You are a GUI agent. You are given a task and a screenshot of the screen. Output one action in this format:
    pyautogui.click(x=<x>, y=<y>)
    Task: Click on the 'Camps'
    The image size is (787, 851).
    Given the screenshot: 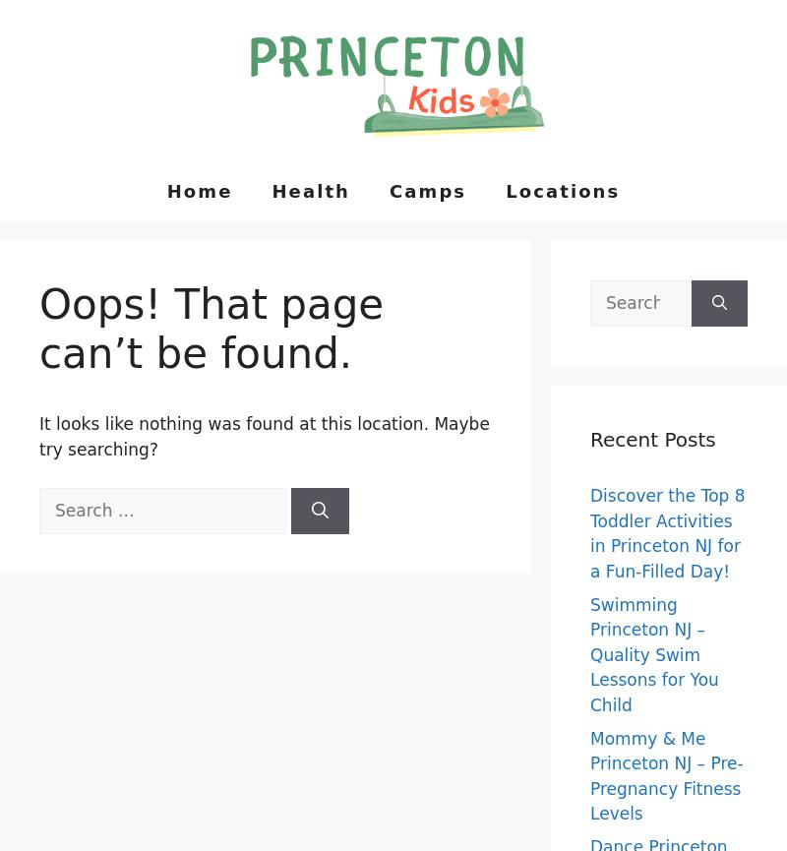 What is the action you would take?
    pyautogui.click(x=426, y=189)
    